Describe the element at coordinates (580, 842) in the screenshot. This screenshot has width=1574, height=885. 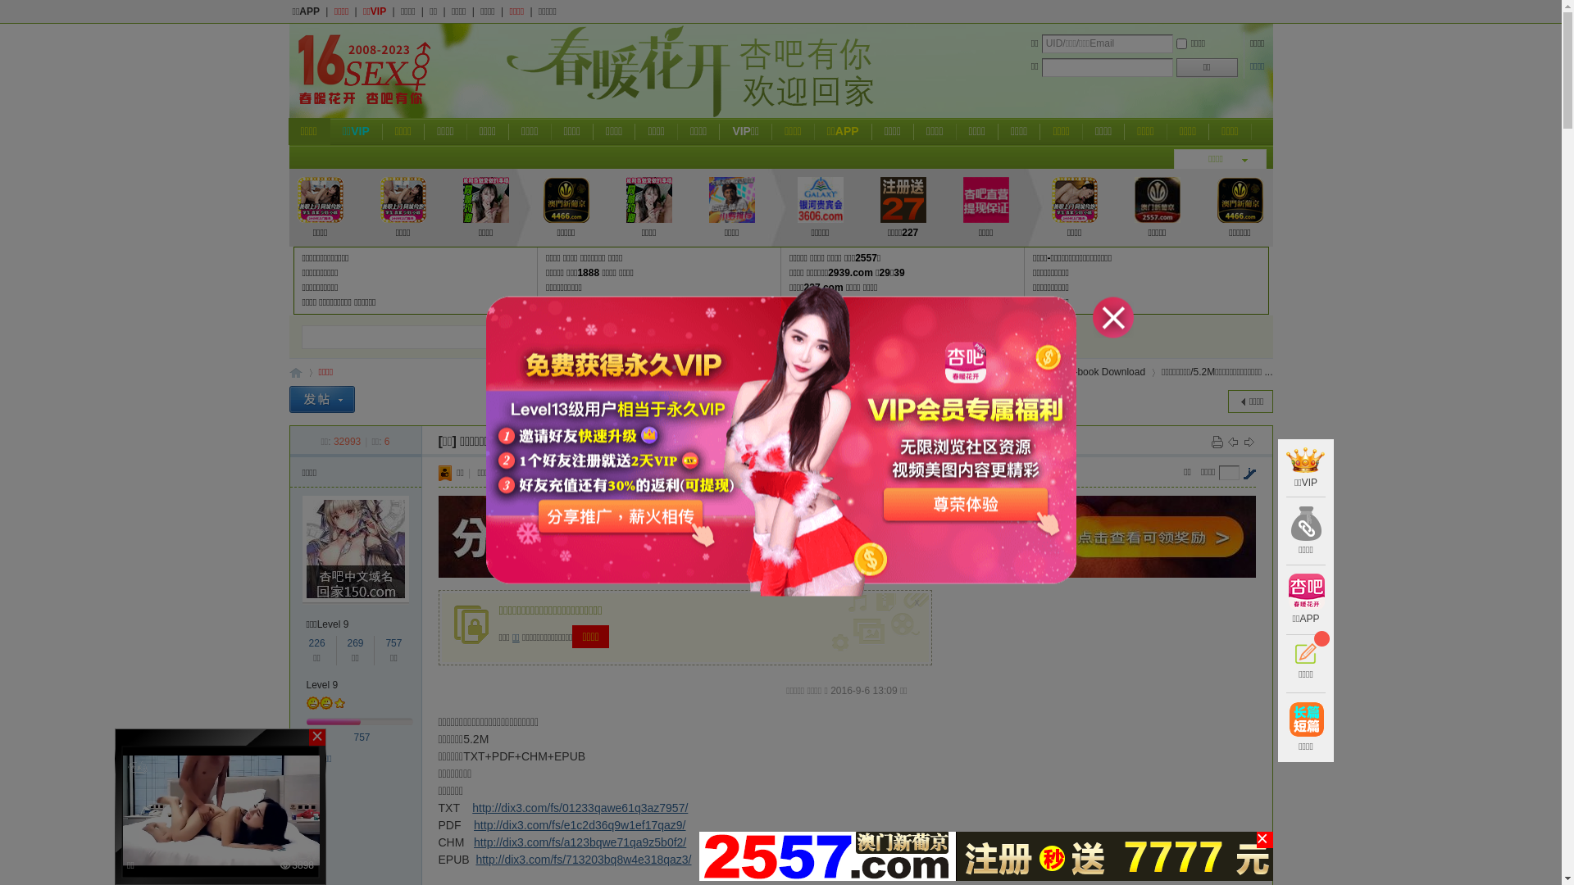
I see `'http://dix3.com/fs/a123bqwe71qa9z5b0f2/'` at that location.